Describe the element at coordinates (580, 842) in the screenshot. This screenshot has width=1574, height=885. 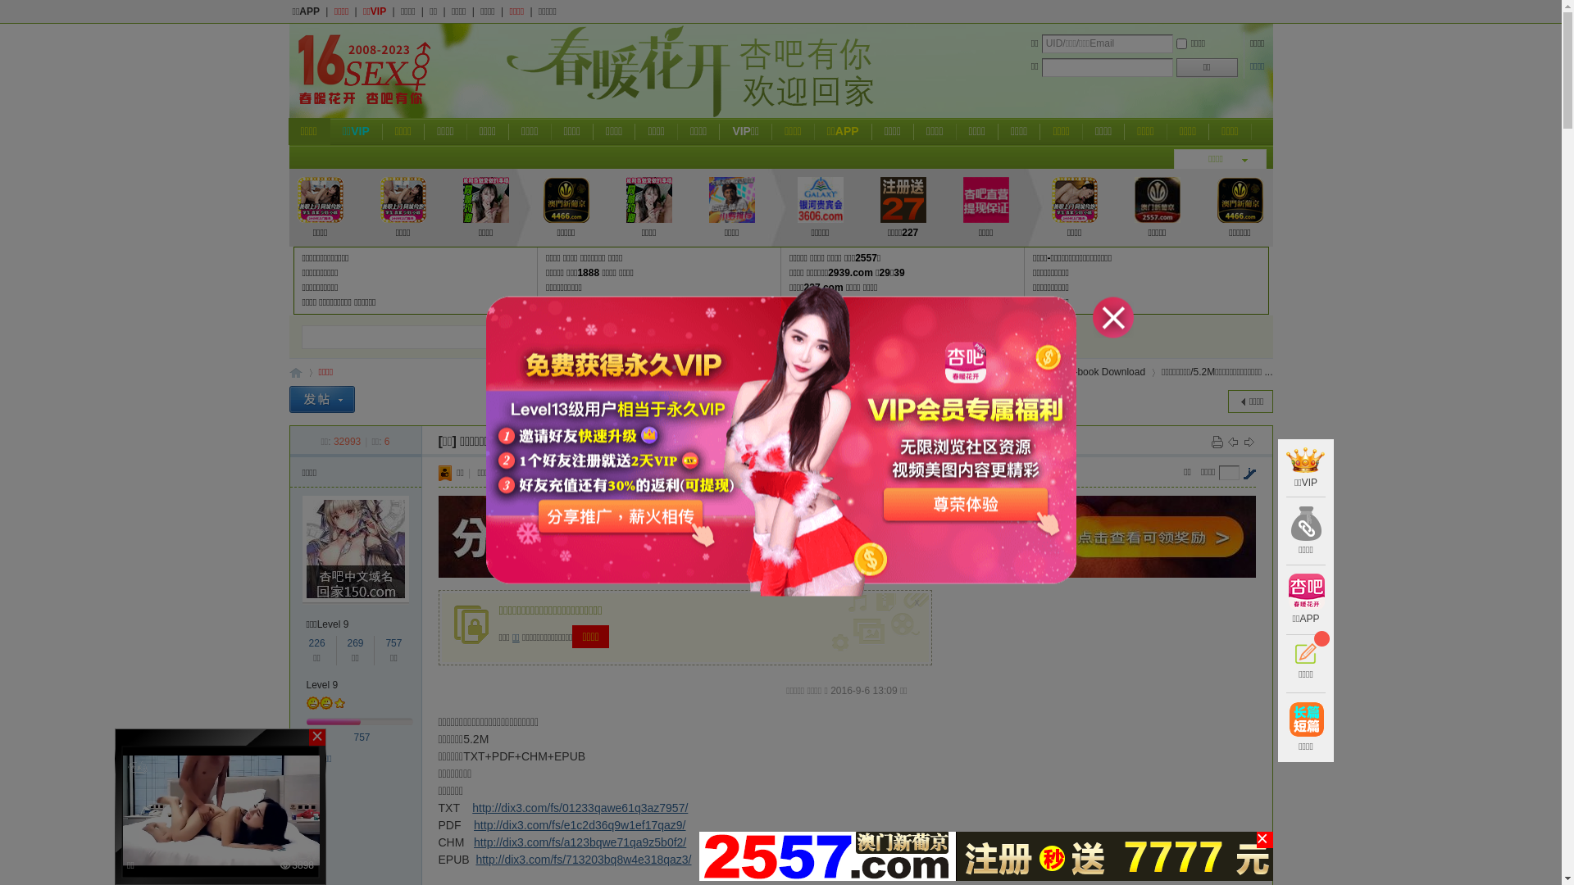
I see `'http://dix3.com/fs/a123bqwe71qa9z5b0f2/'` at that location.